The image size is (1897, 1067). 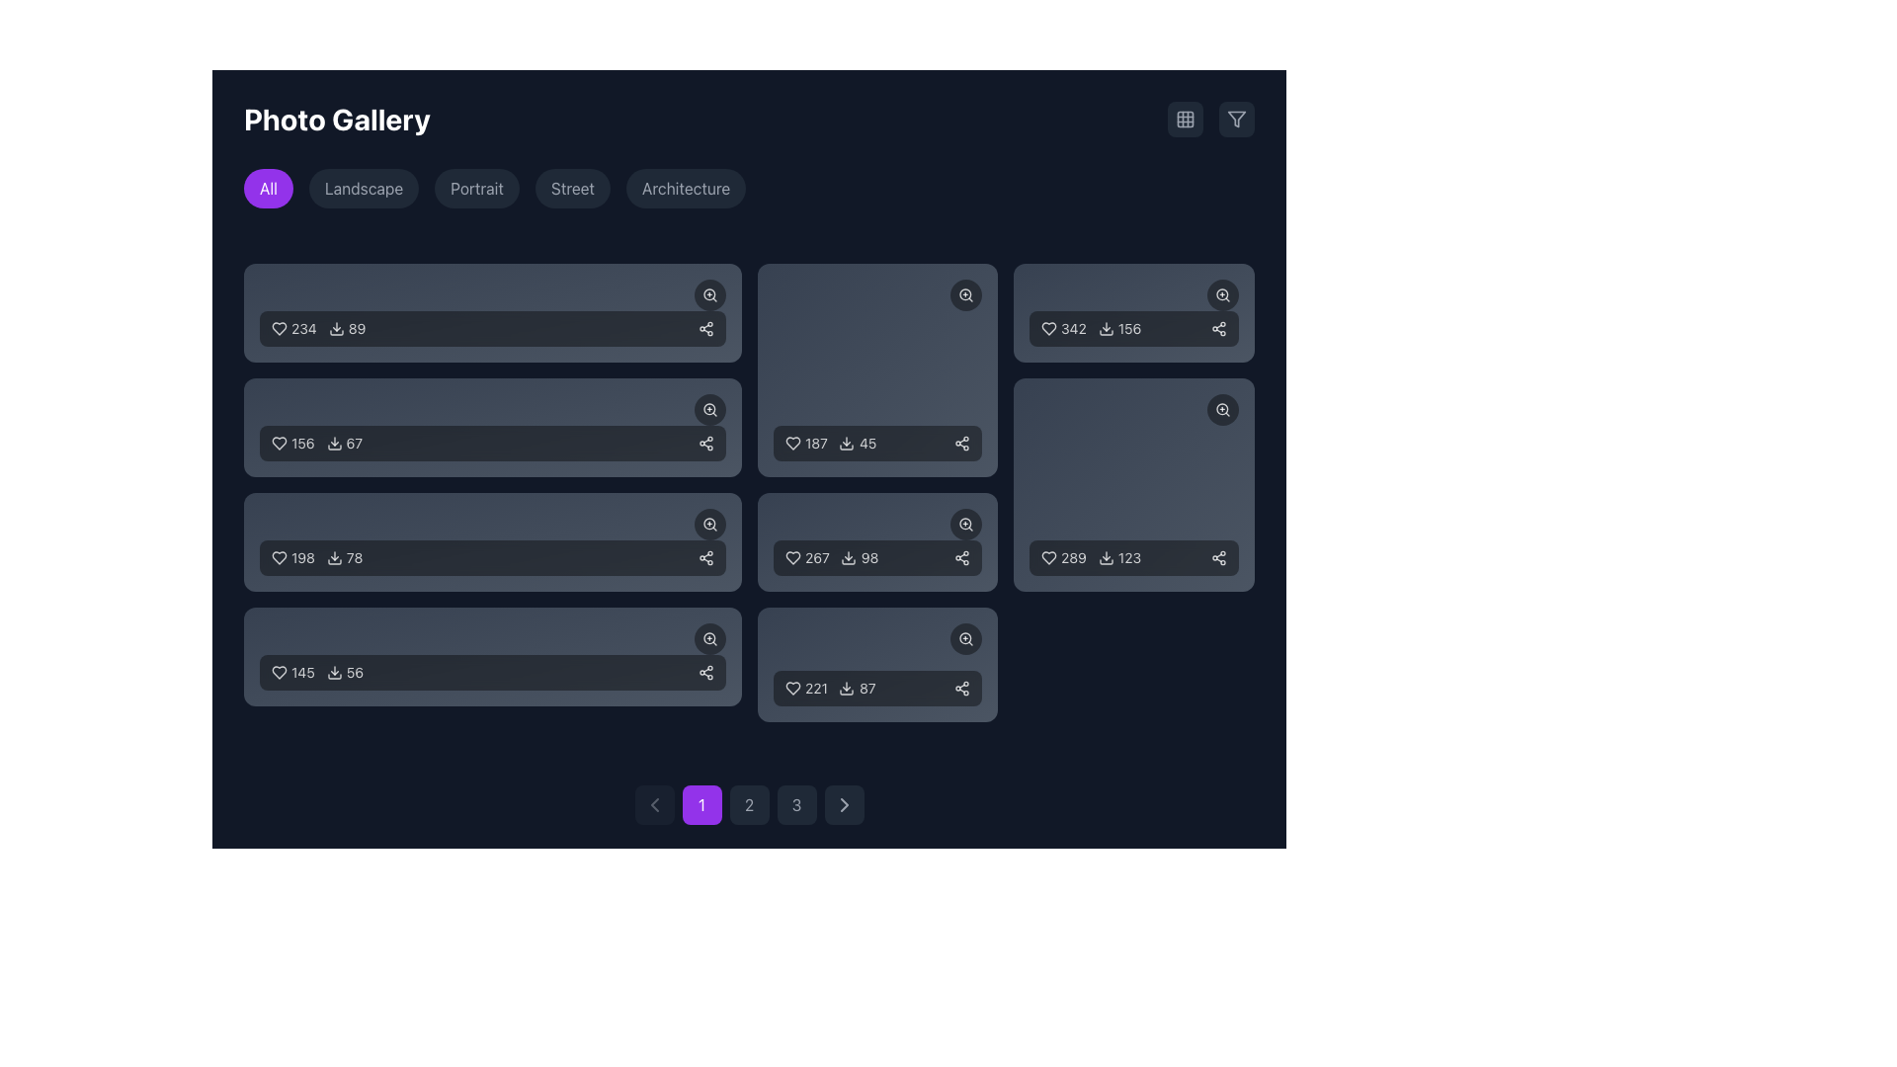 What do you see at coordinates (354, 442) in the screenshot?
I see `the text element displaying a counter or metric, located in the second row and first column of a grid layout, towards the bottom right of its card element` at bounding box center [354, 442].